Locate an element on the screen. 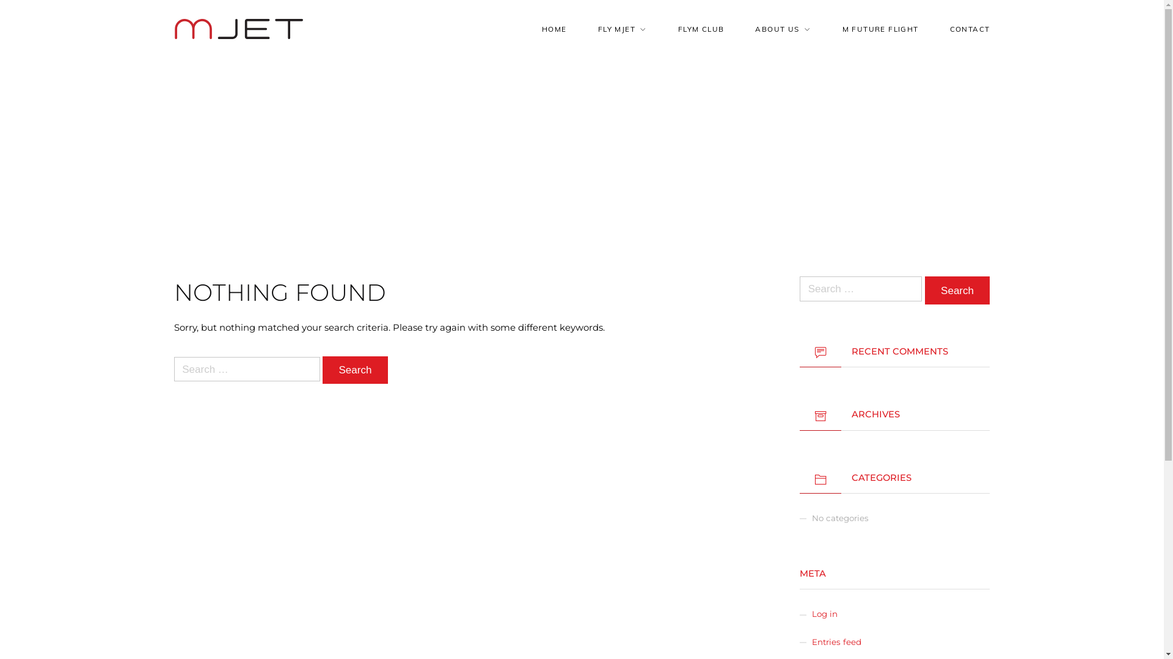  'ABOUT US' is located at coordinates (783, 27).